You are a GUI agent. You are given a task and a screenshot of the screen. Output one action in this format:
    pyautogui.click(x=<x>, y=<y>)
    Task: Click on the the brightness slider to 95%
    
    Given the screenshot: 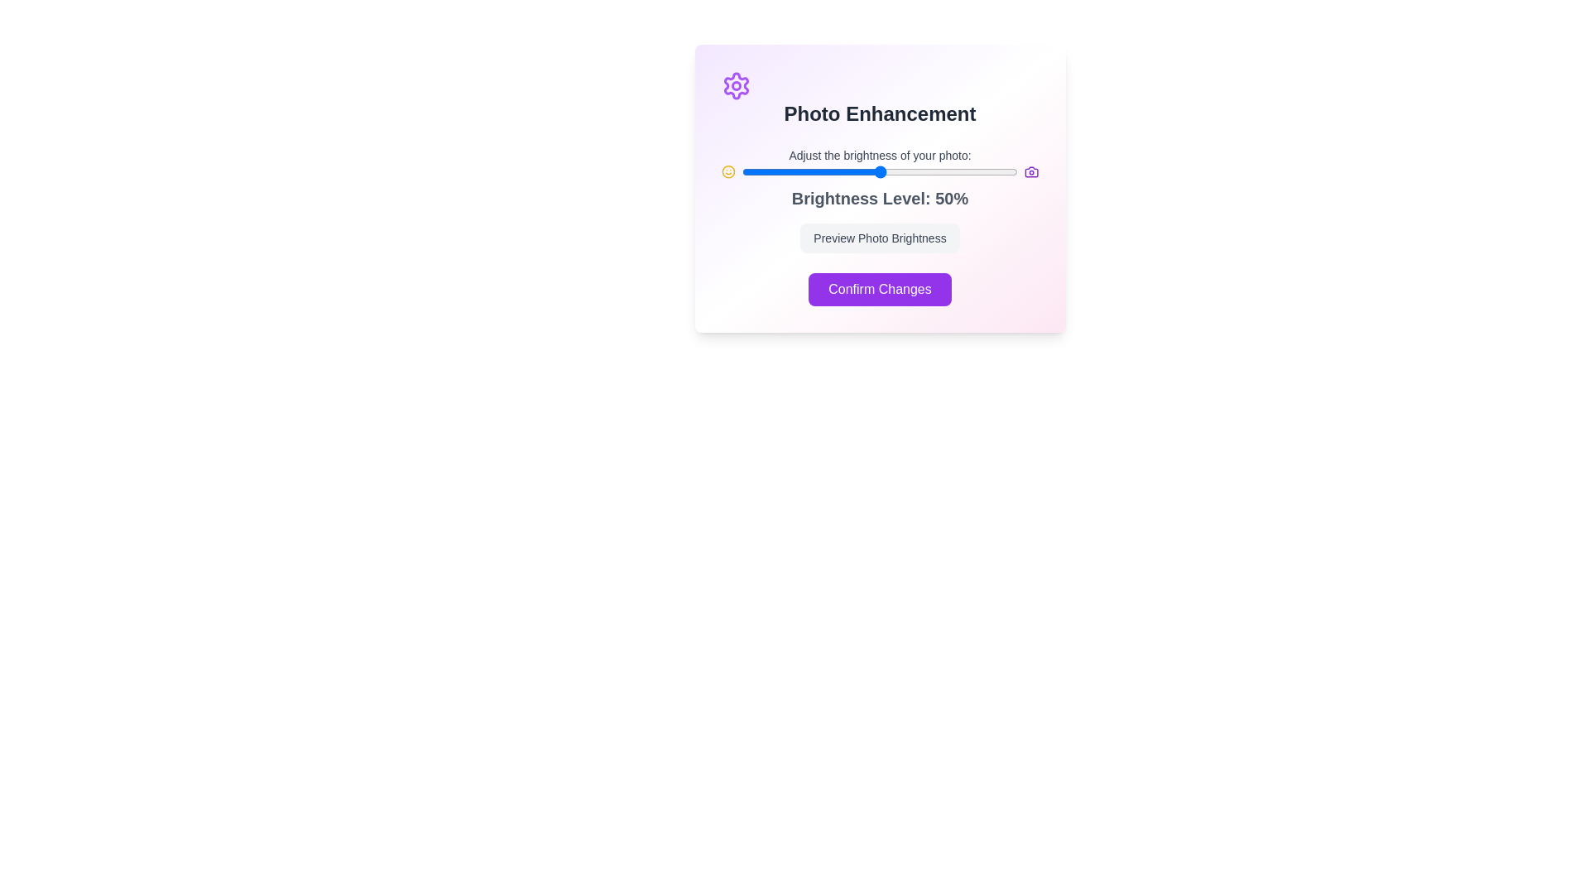 What is the action you would take?
    pyautogui.click(x=1003, y=172)
    